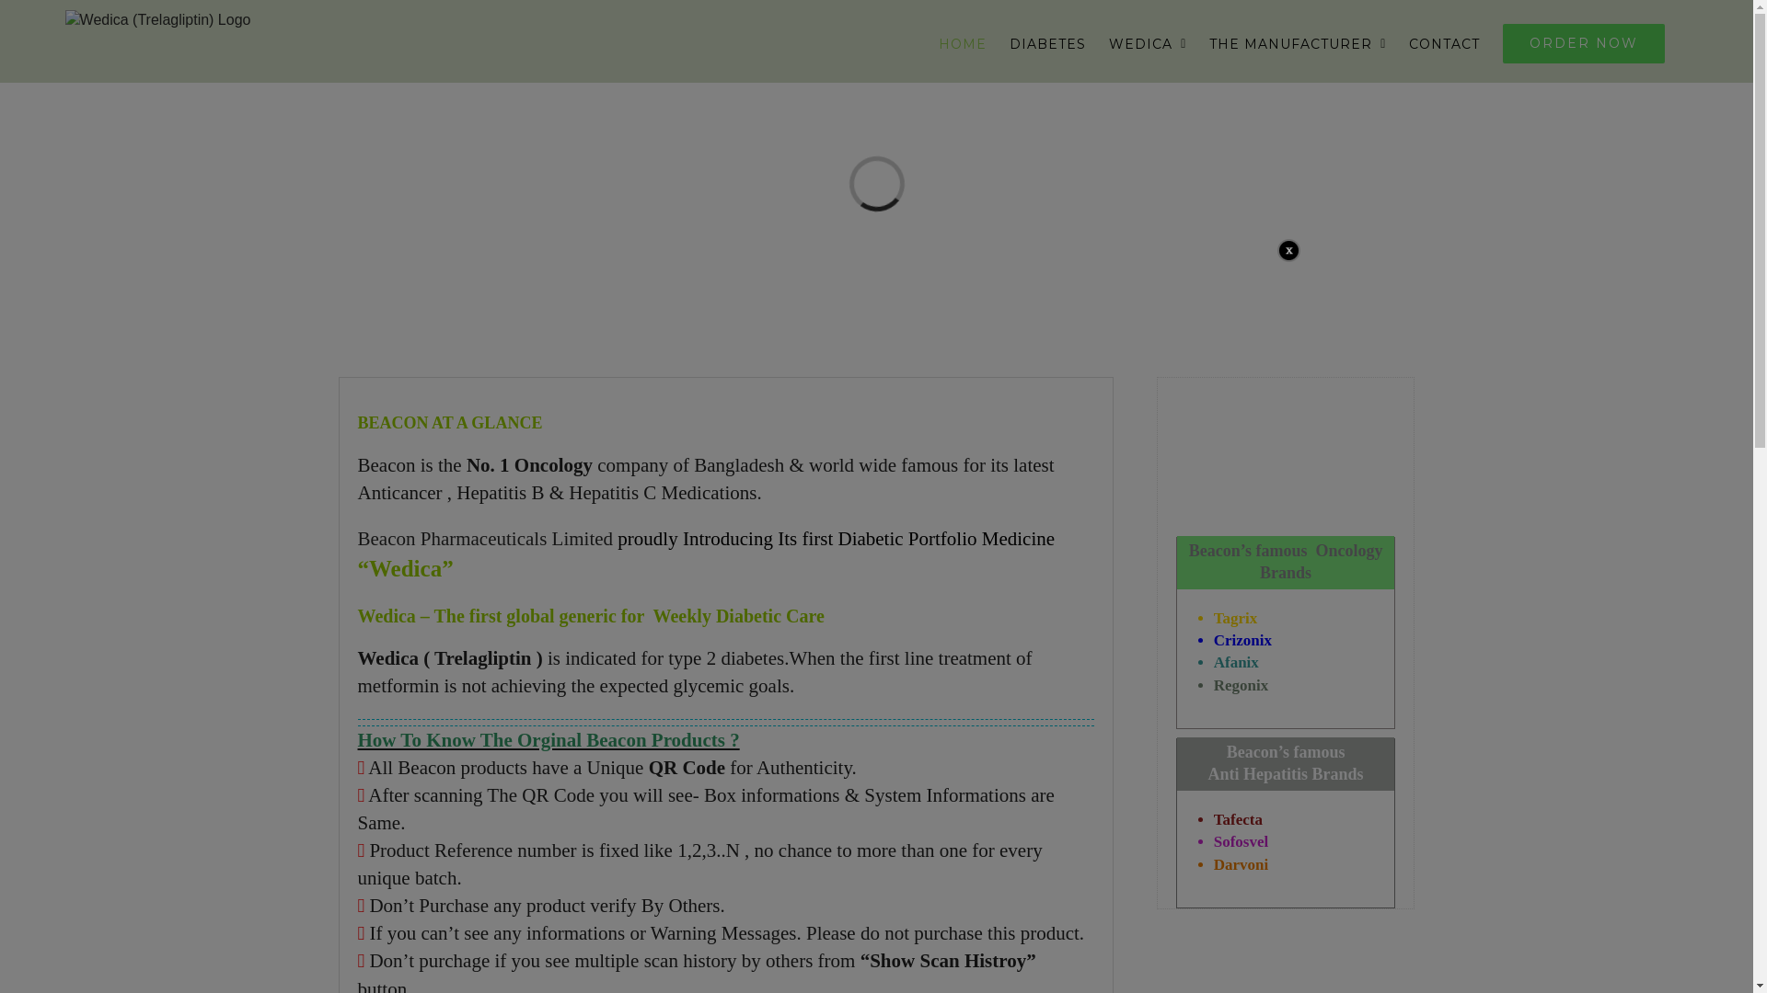  What do you see at coordinates (487, 538) in the screenshot?
I see `'Beacon Pharmaceuticals Limited'` at bounding box center [487, 538].